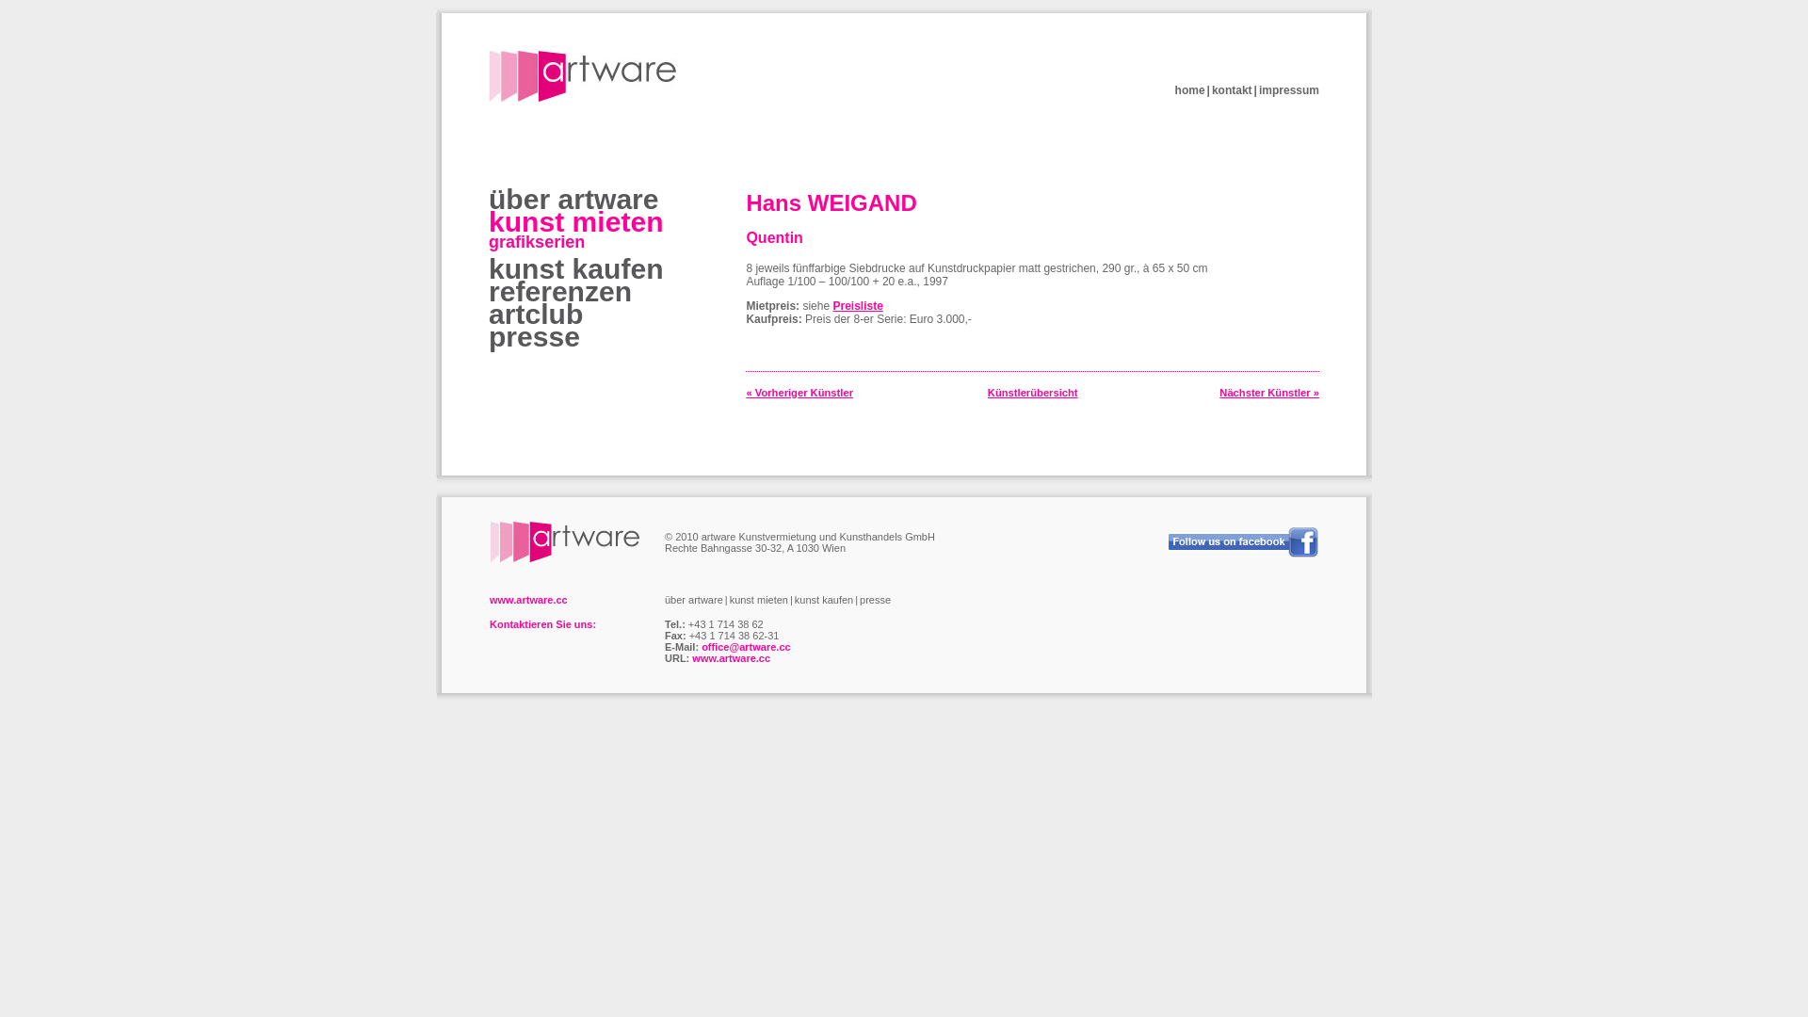 The width and height of the screenshot is (1808, 1017). What do you see at coordinates (745, 645) in the screenshot?
I see `'office@artware.cc'` at bounding box center [745, 645].